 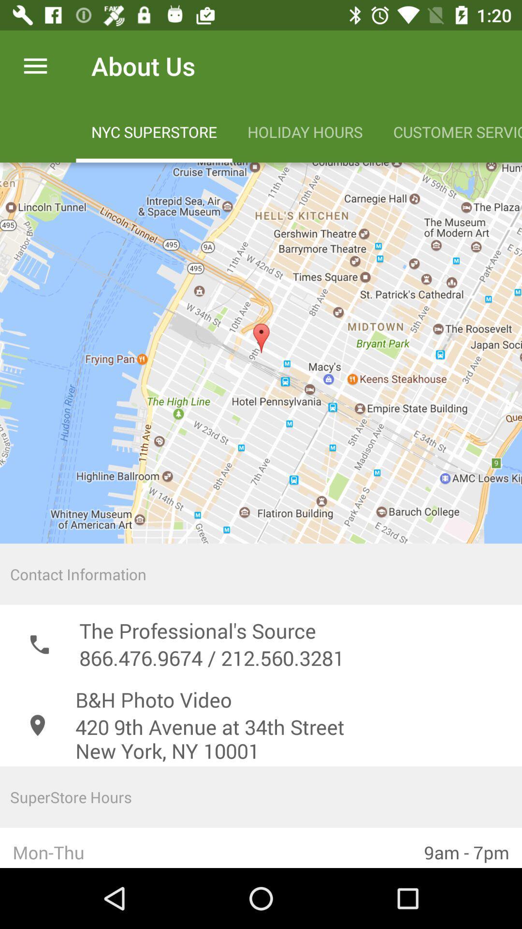 I want to click on the 9am - 7pm item, so click(x=466, y=847).